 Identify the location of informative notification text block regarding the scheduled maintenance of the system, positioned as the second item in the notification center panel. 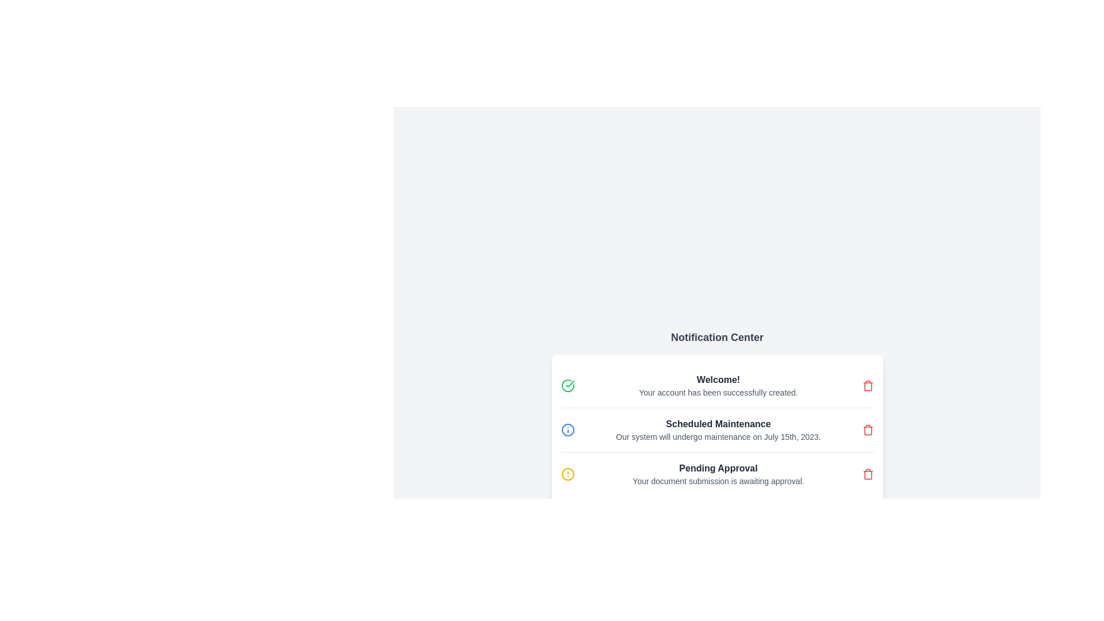
(718, 430).